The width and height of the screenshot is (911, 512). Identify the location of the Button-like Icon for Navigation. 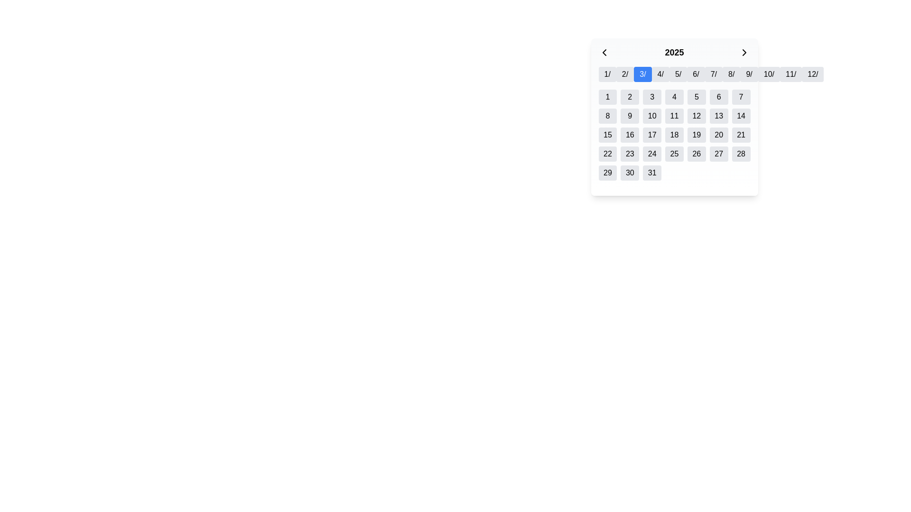
(744, 53).